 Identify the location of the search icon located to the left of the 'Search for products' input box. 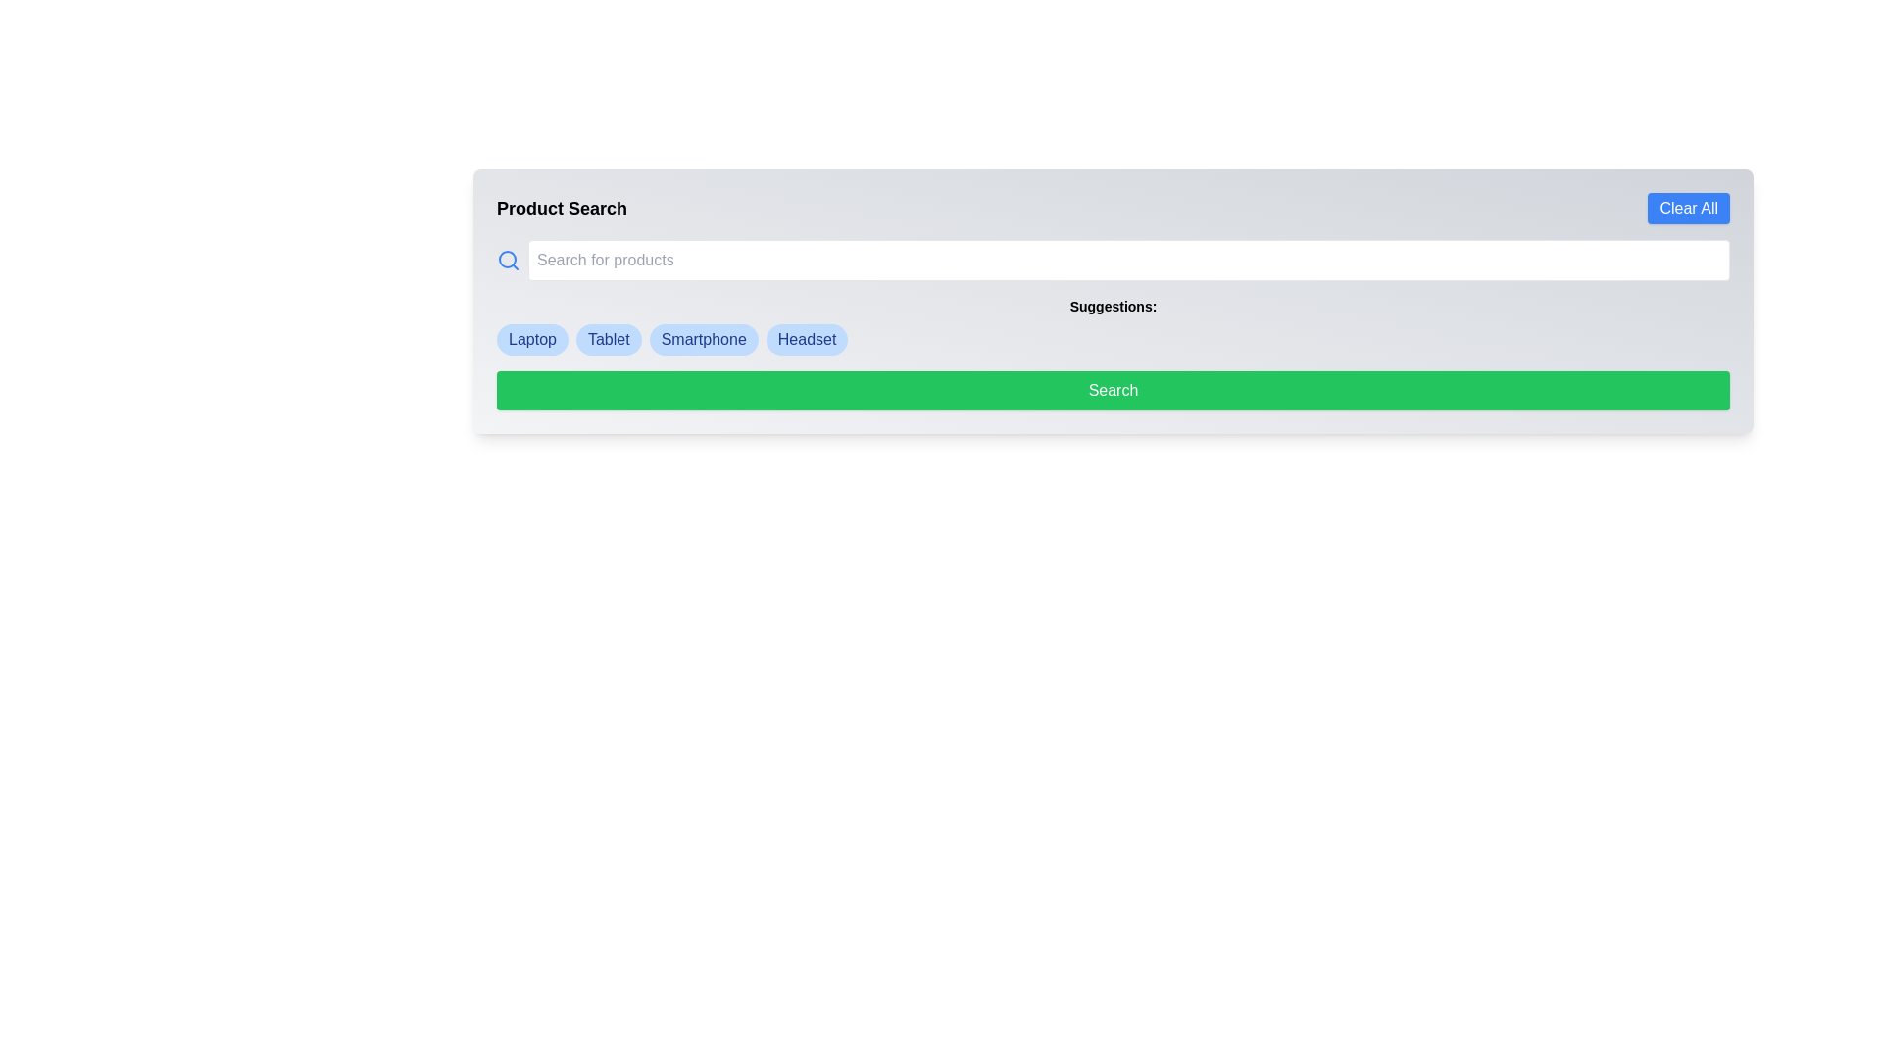
(508, 260).